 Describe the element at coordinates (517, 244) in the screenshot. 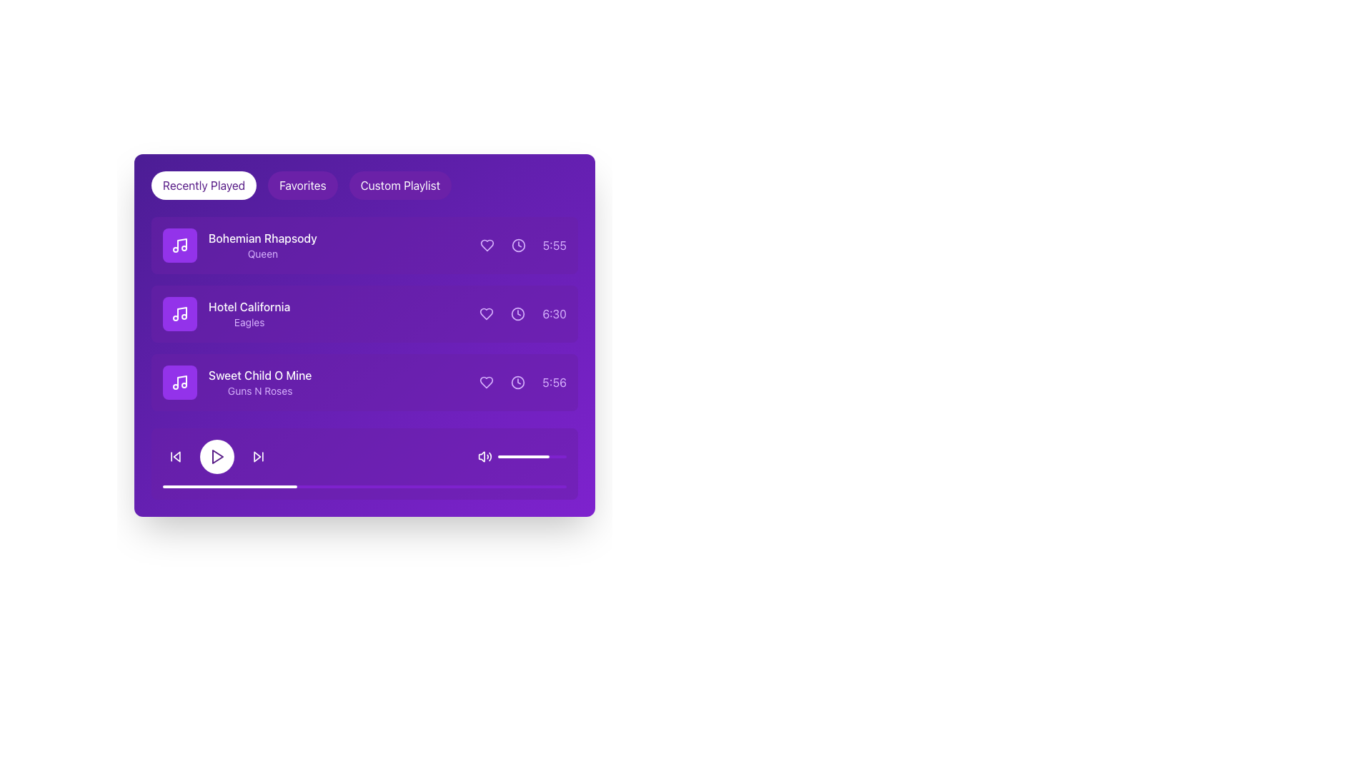

I see `the central circular component of the clock icon located to the right of the first row in the music playlist interface` at that location.